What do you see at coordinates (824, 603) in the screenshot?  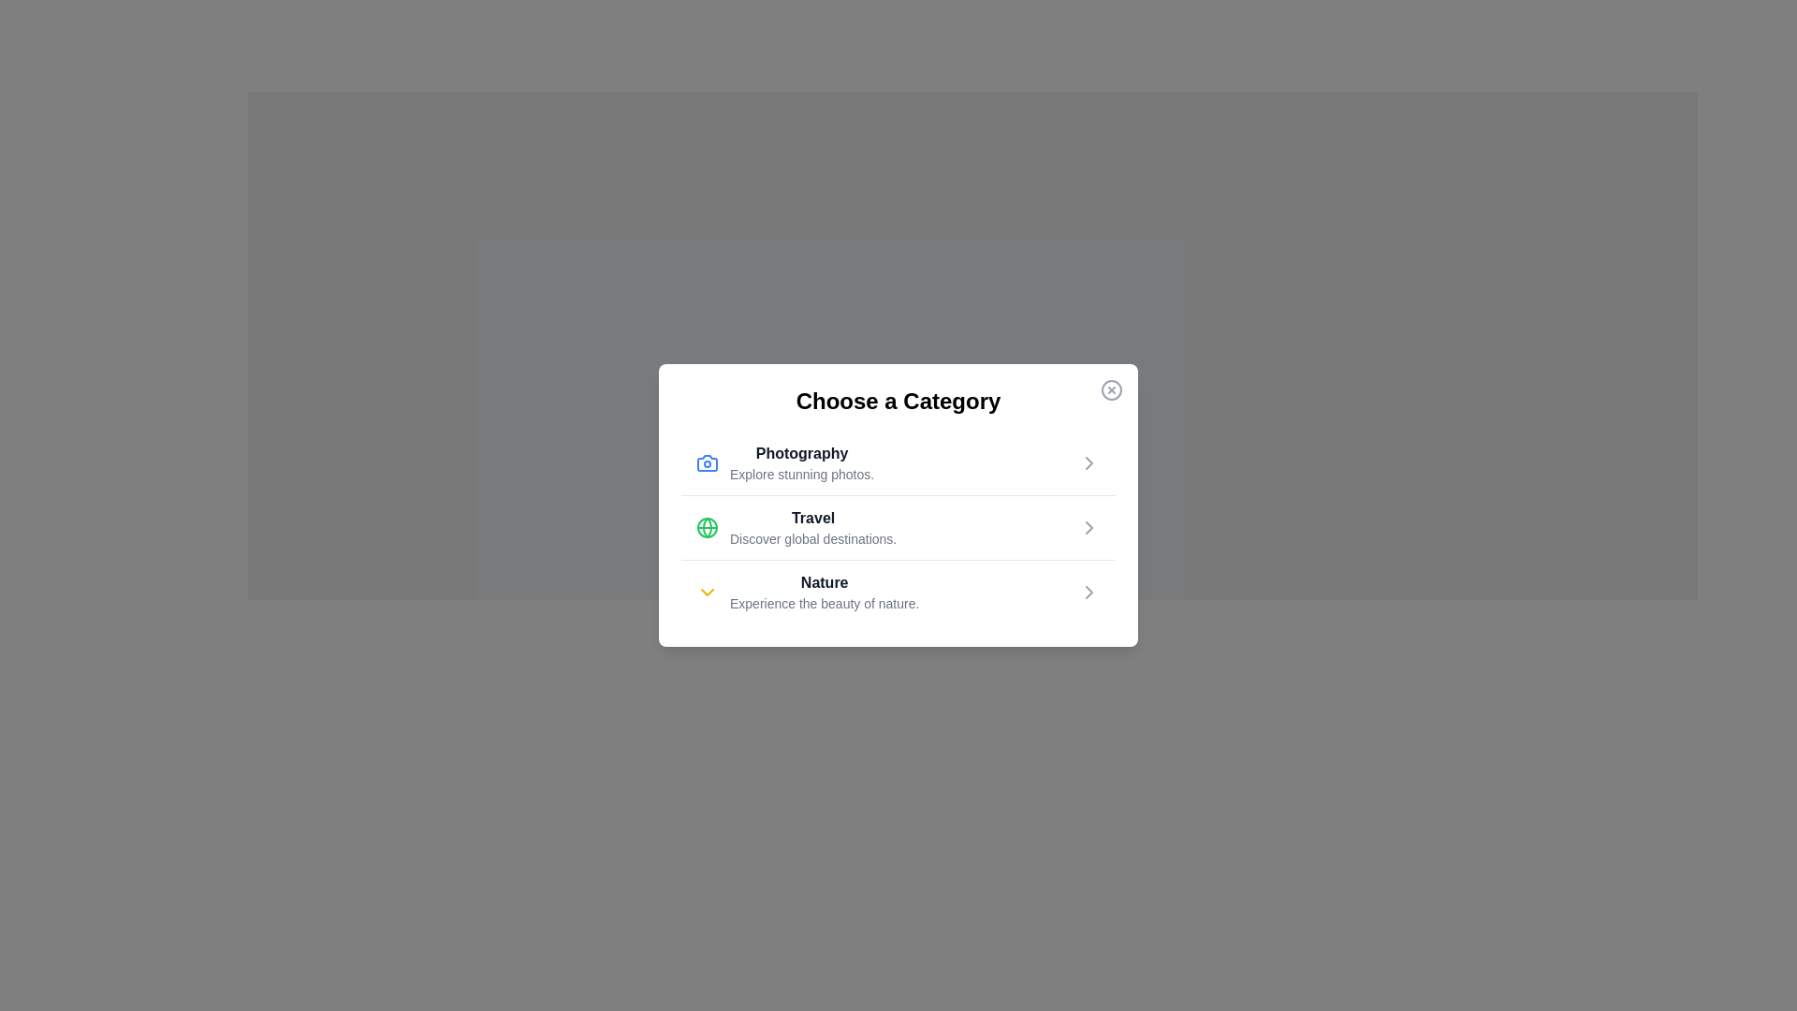 I see `text content 'Experience the beauty of nature.' located below the bold 'Nature' heading in the dialog box titled 'Choose a Category.'` at bounding box center [824, 603].